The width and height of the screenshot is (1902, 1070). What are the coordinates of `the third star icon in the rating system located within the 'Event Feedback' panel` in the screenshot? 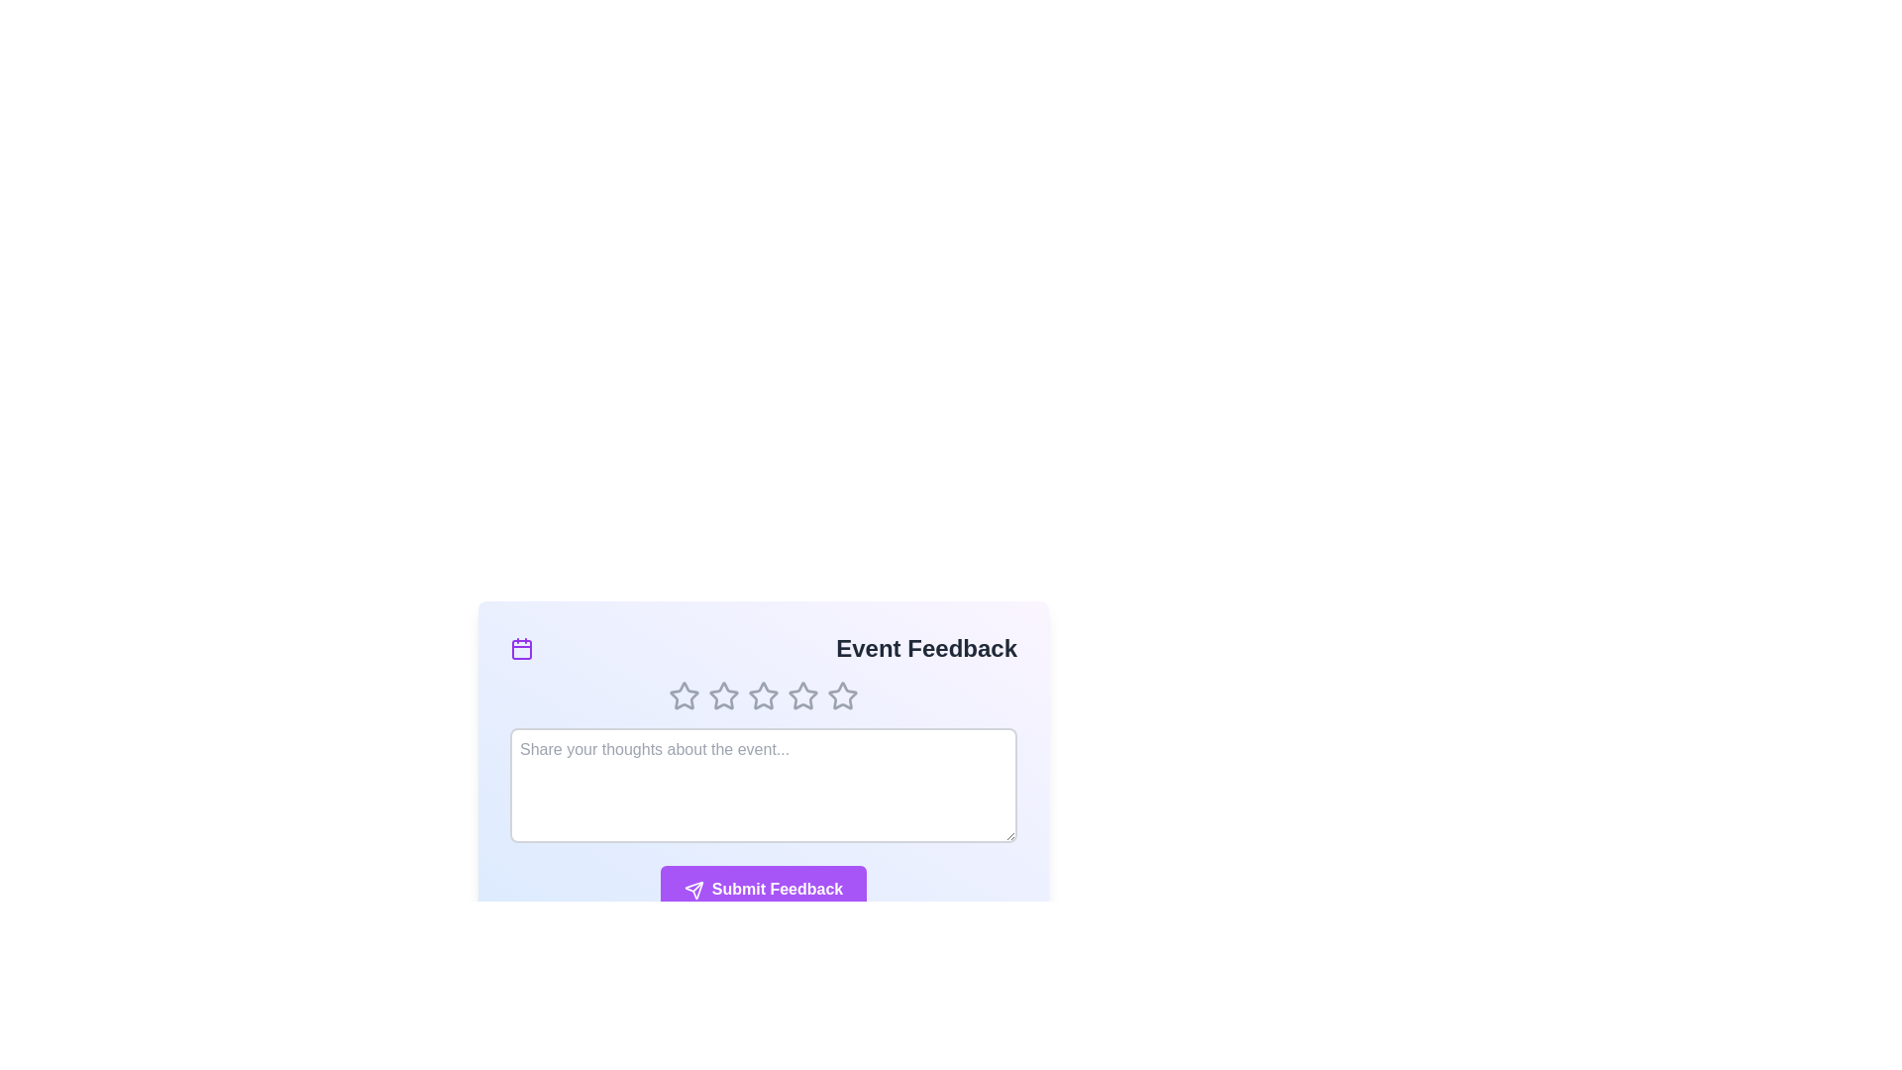 It's located at (763, 695).